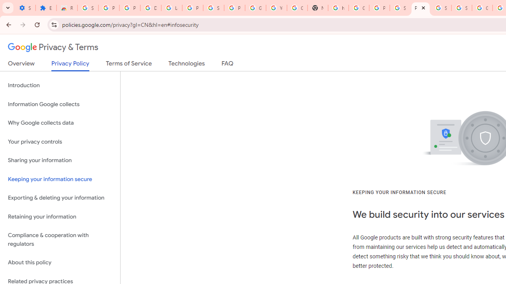 The image size is (506, 284). What do you see at coordinates (67, 8) in the screenshot?
I see `'Reviews: Helix Fruit Jump Arcade Game'` at bounding box center [67, 8].